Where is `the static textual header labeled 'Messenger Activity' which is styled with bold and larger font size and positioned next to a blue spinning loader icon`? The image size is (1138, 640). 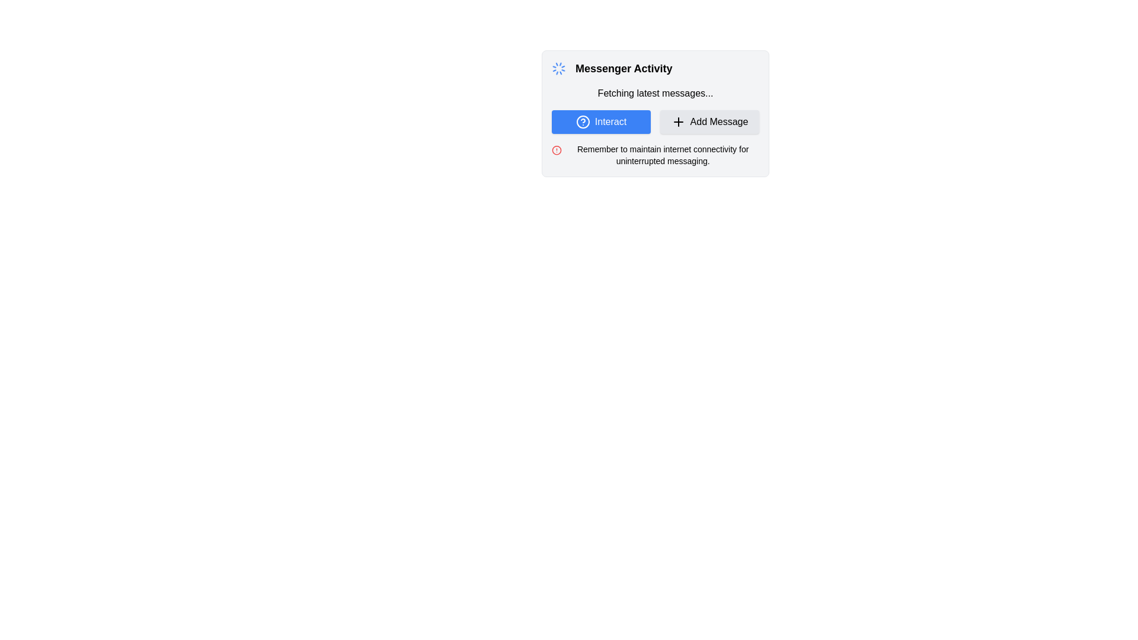
the static textual header labeled 'Messenger Activity' which is styled with bold and larger font size and positioned next to a blue spinning loader icon is located at coordinates (654, 68).